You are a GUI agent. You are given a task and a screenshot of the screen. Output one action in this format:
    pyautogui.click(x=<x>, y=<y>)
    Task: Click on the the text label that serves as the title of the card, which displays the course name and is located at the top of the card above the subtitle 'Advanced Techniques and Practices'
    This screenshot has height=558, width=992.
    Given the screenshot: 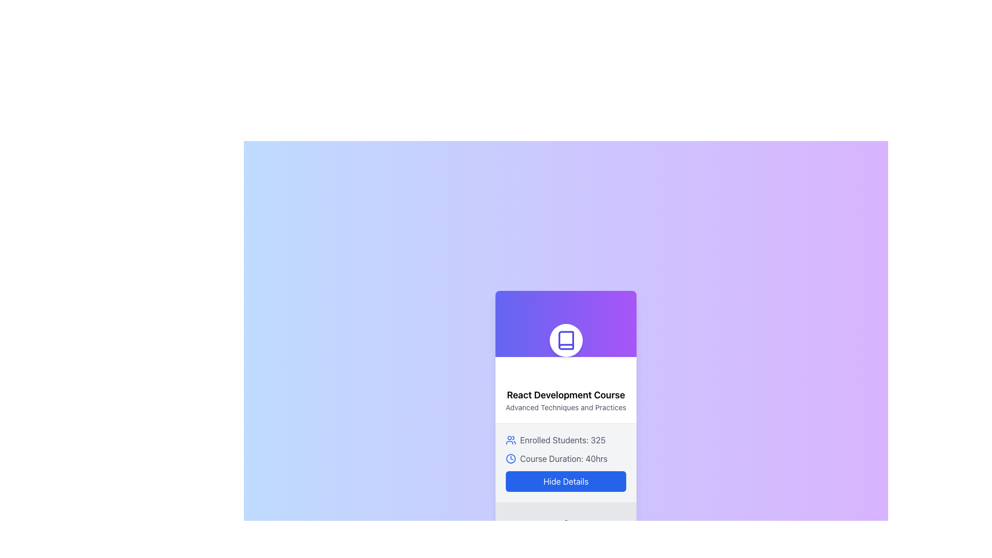 What is the action you would take?
    pyautogui.click(x=565, y=395)
    